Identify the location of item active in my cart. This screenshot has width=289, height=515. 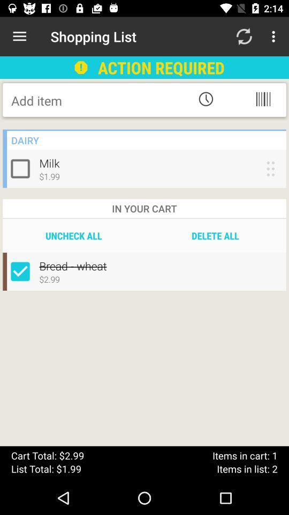
(22, 271).